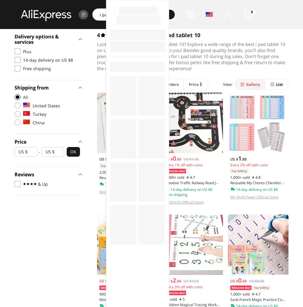 This screenshot has width=303, height=307. I want to click on 'Extra 2% off with coins', so click(248, 165).